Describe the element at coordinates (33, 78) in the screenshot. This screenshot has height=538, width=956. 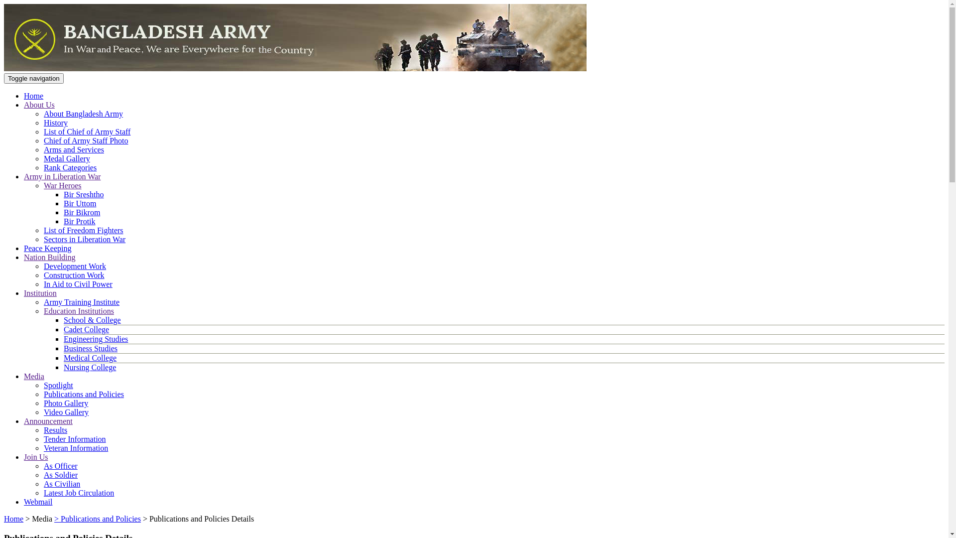
I see `'Toggle navigation'` at that location.